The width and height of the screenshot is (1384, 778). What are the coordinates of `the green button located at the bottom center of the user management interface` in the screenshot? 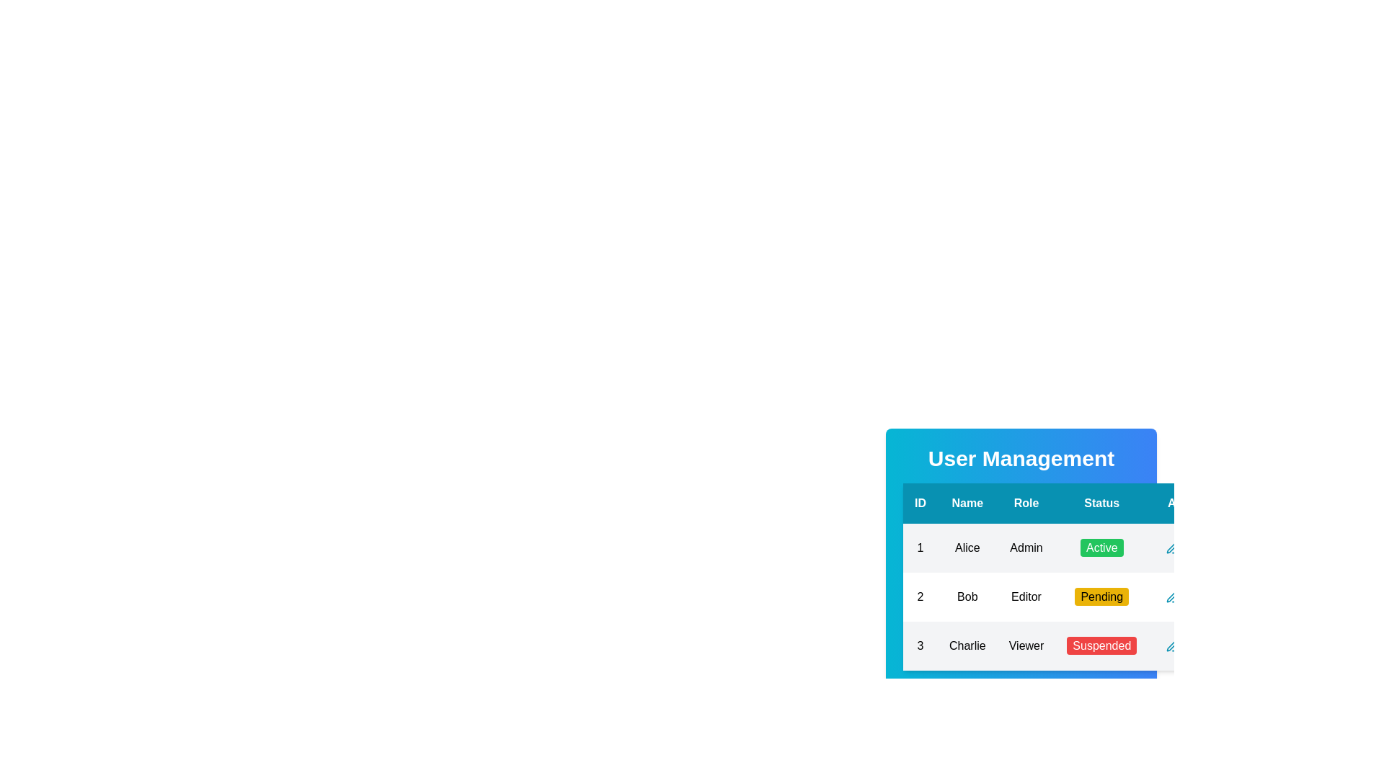 It's located at (1020, 696).